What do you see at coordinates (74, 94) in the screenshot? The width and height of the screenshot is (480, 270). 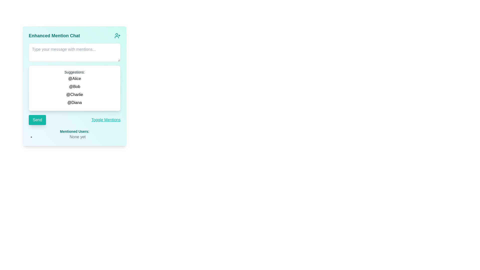 I see `the text label styled as '@Charlie' which is the third item in the mention suggestions list` at bounding box center [74, 94].